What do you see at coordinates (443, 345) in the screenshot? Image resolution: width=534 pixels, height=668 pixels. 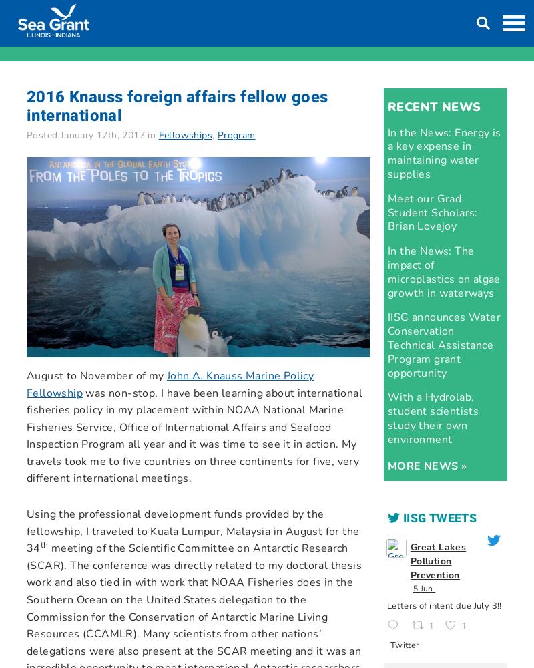 I see `'IISG announces Water Conservation Technical Assistance Program grant opportunity'` at bounding box center [443, 345].